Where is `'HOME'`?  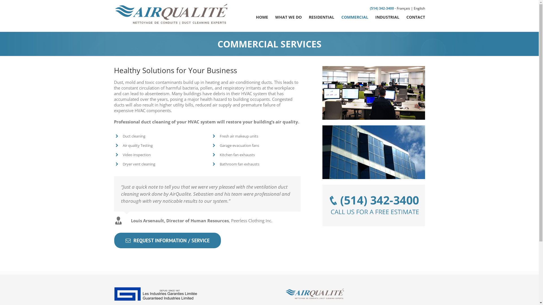
'HOME' is located at coordinates (255, 16).